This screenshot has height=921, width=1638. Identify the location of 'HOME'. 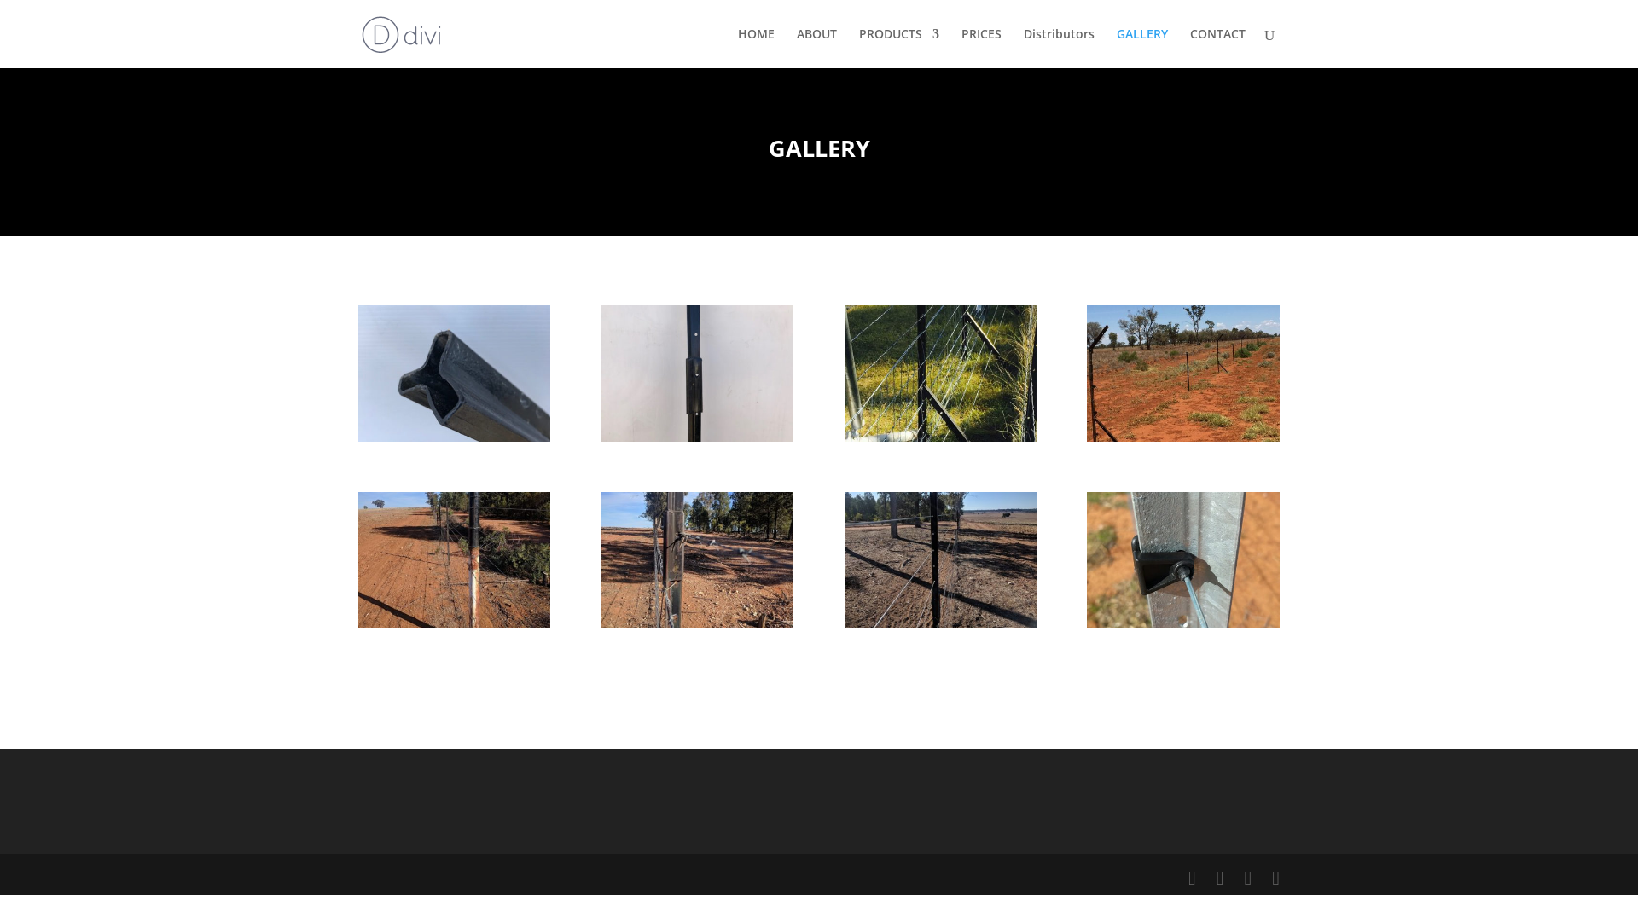
(755, 47).